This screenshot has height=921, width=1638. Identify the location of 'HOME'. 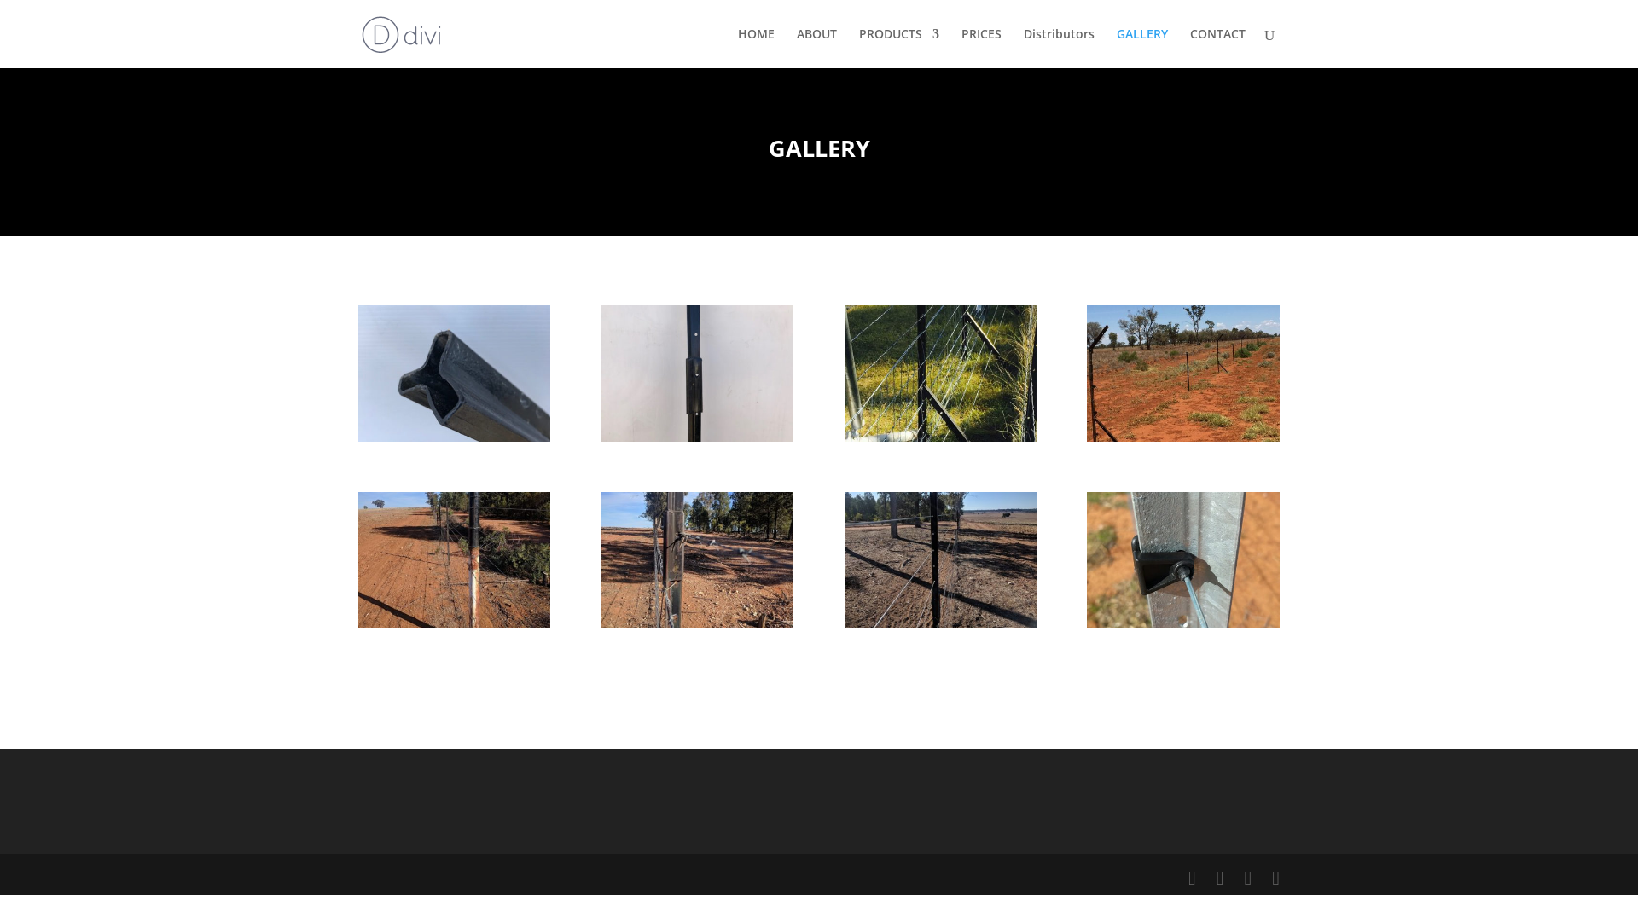
(755, 47).